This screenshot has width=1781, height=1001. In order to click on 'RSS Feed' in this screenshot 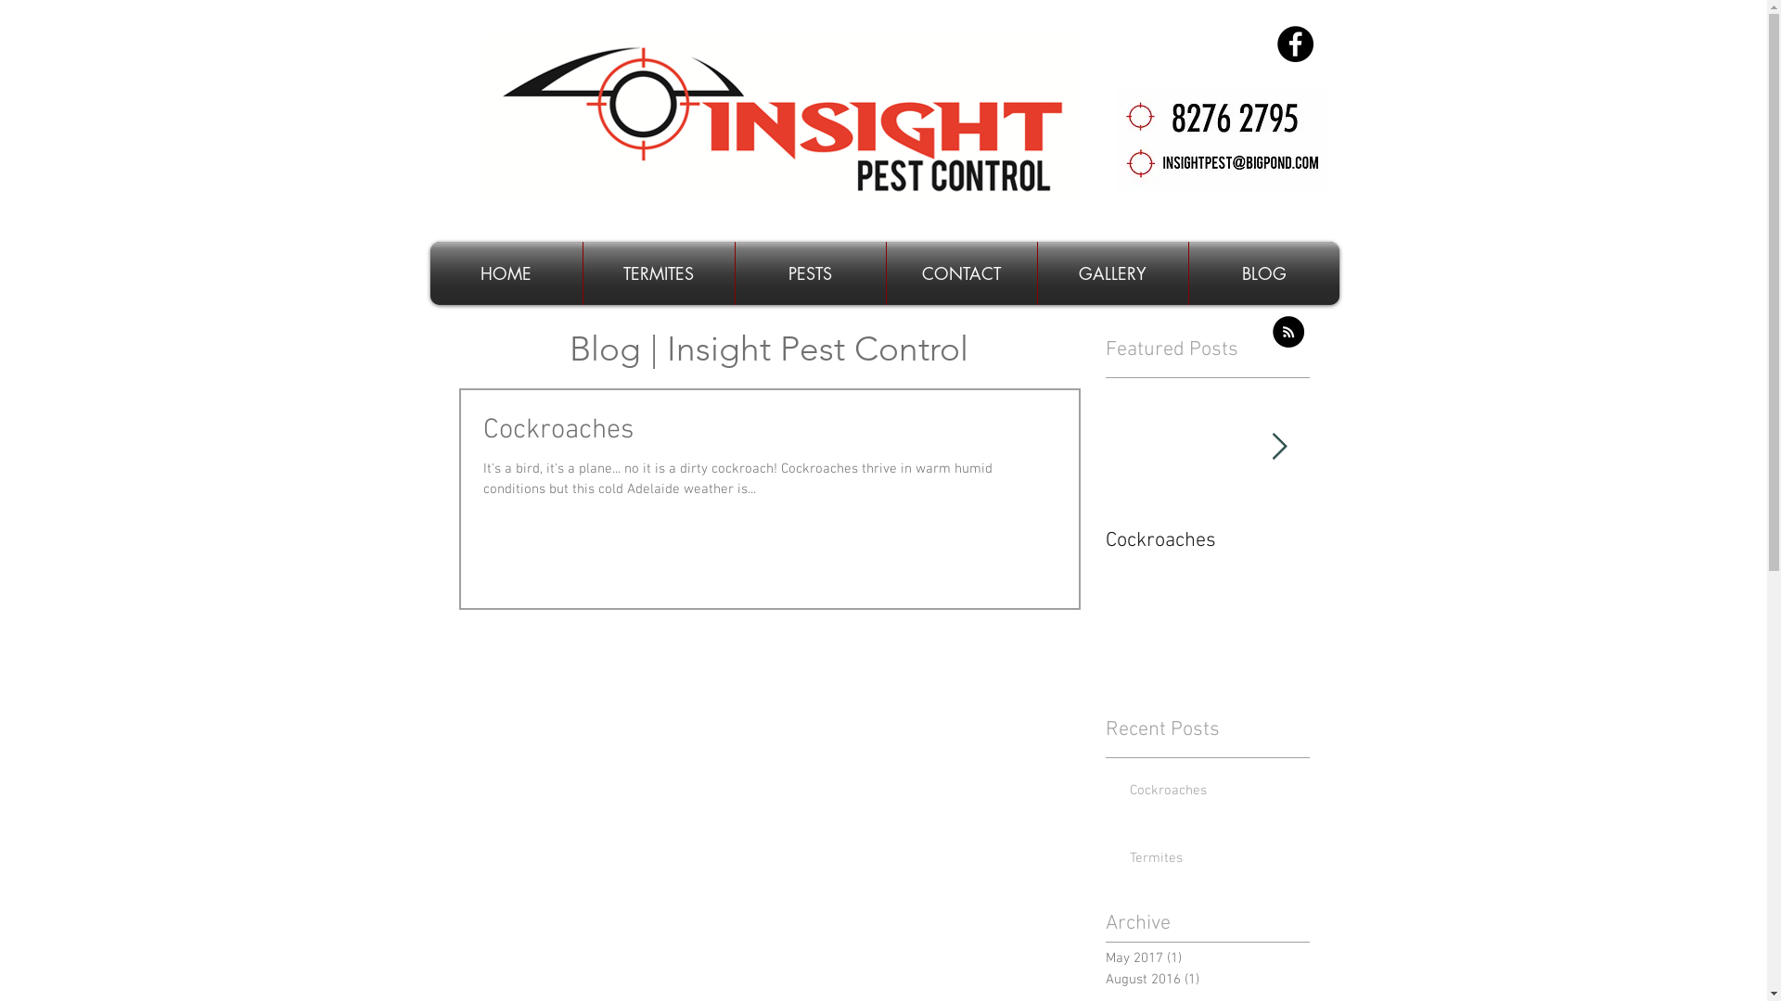, I will do `click(1287, 331)`.